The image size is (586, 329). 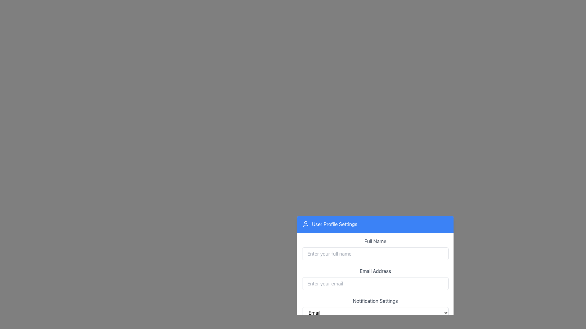 What do you see at coordinates (334, 224) in the screenshot?
I see `the 'User Profile Settings' text label, which is displayed in white font on a blue background as part of the header section` at bounding box center [334, 224].